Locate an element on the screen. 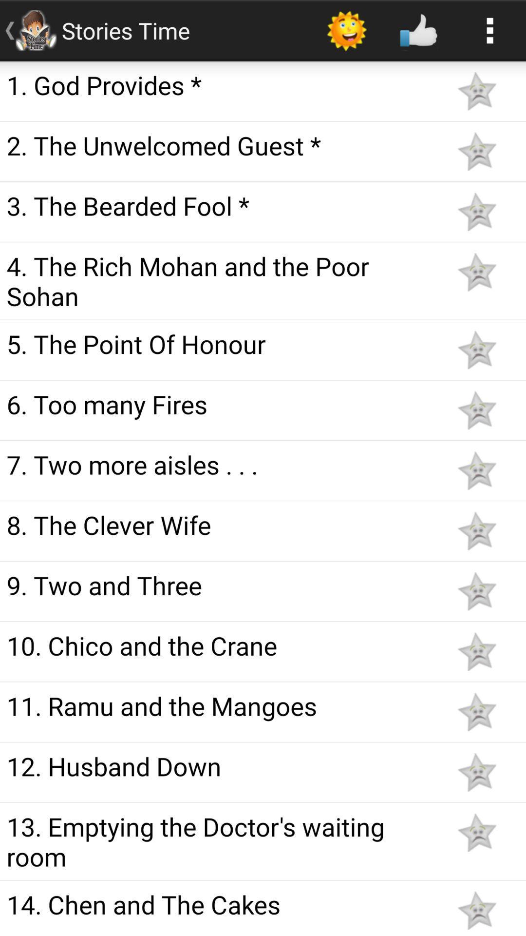 The width and height of the screenshot is (526, 936). favorite is located at coordinates (476, 712).